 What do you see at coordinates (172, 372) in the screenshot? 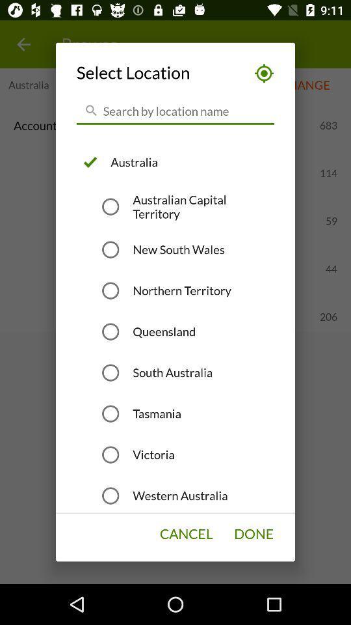
I see `south australia icon` at bounding box center [172, 372].